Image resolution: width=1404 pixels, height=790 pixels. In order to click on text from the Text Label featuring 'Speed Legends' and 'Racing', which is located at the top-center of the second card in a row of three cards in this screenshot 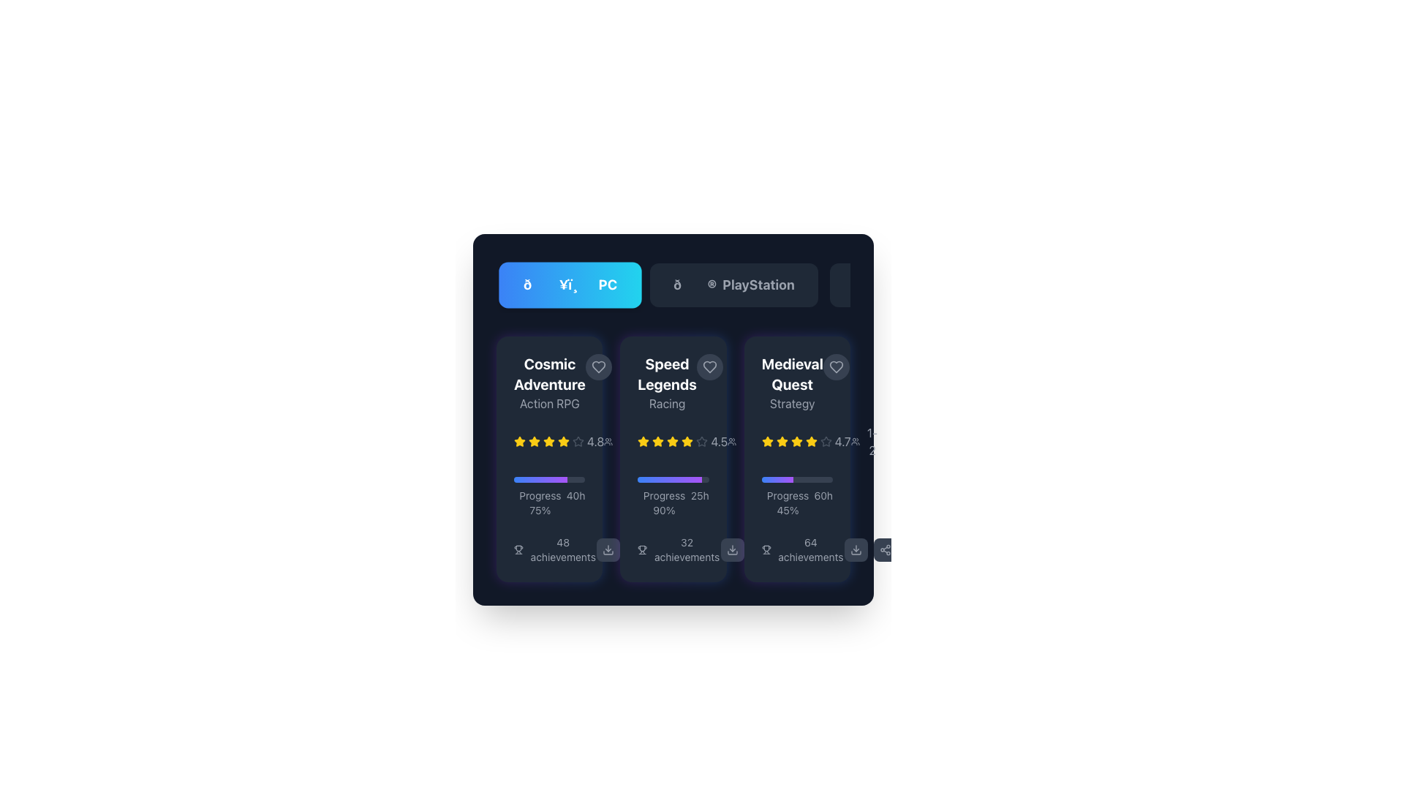, I will do `click(666, 383)`.